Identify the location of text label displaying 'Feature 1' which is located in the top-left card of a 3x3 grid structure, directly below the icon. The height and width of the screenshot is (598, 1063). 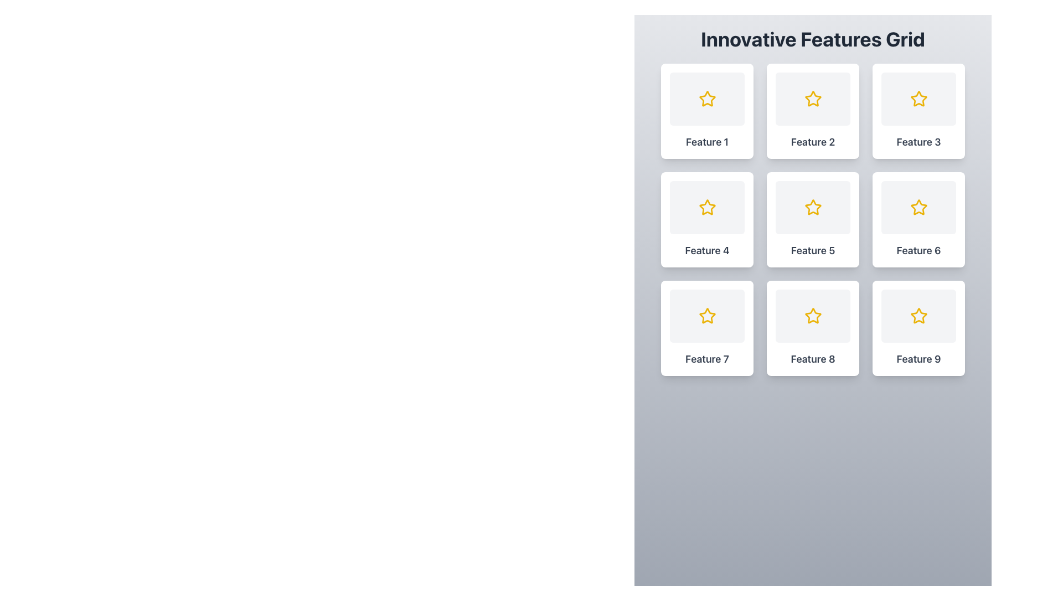
(706, 142).